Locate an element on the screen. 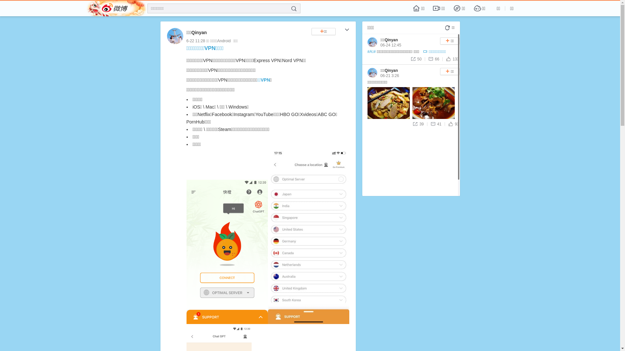 The width and height of the screenshot is (625, 351). '06-24 12:45' is located at coordinates (380, 45).